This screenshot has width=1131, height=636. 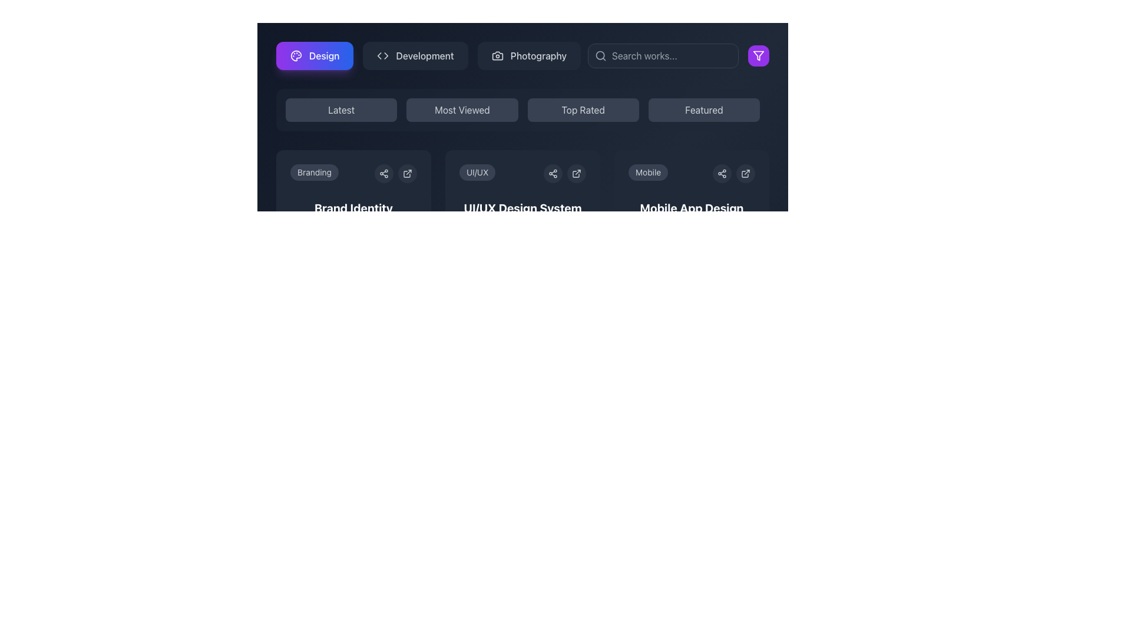 What do you see at coordinates (407, 173) in the screenshot?
I see `the second circular button in the header of the 'Brand Identity' card` at bounding box center [407, 173].